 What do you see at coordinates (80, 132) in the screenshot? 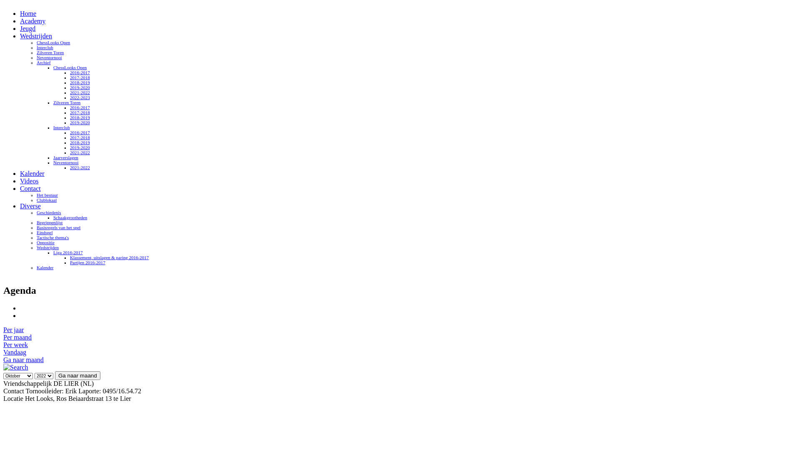
I see `'2016-2017'` at bounding box center [80, 132].